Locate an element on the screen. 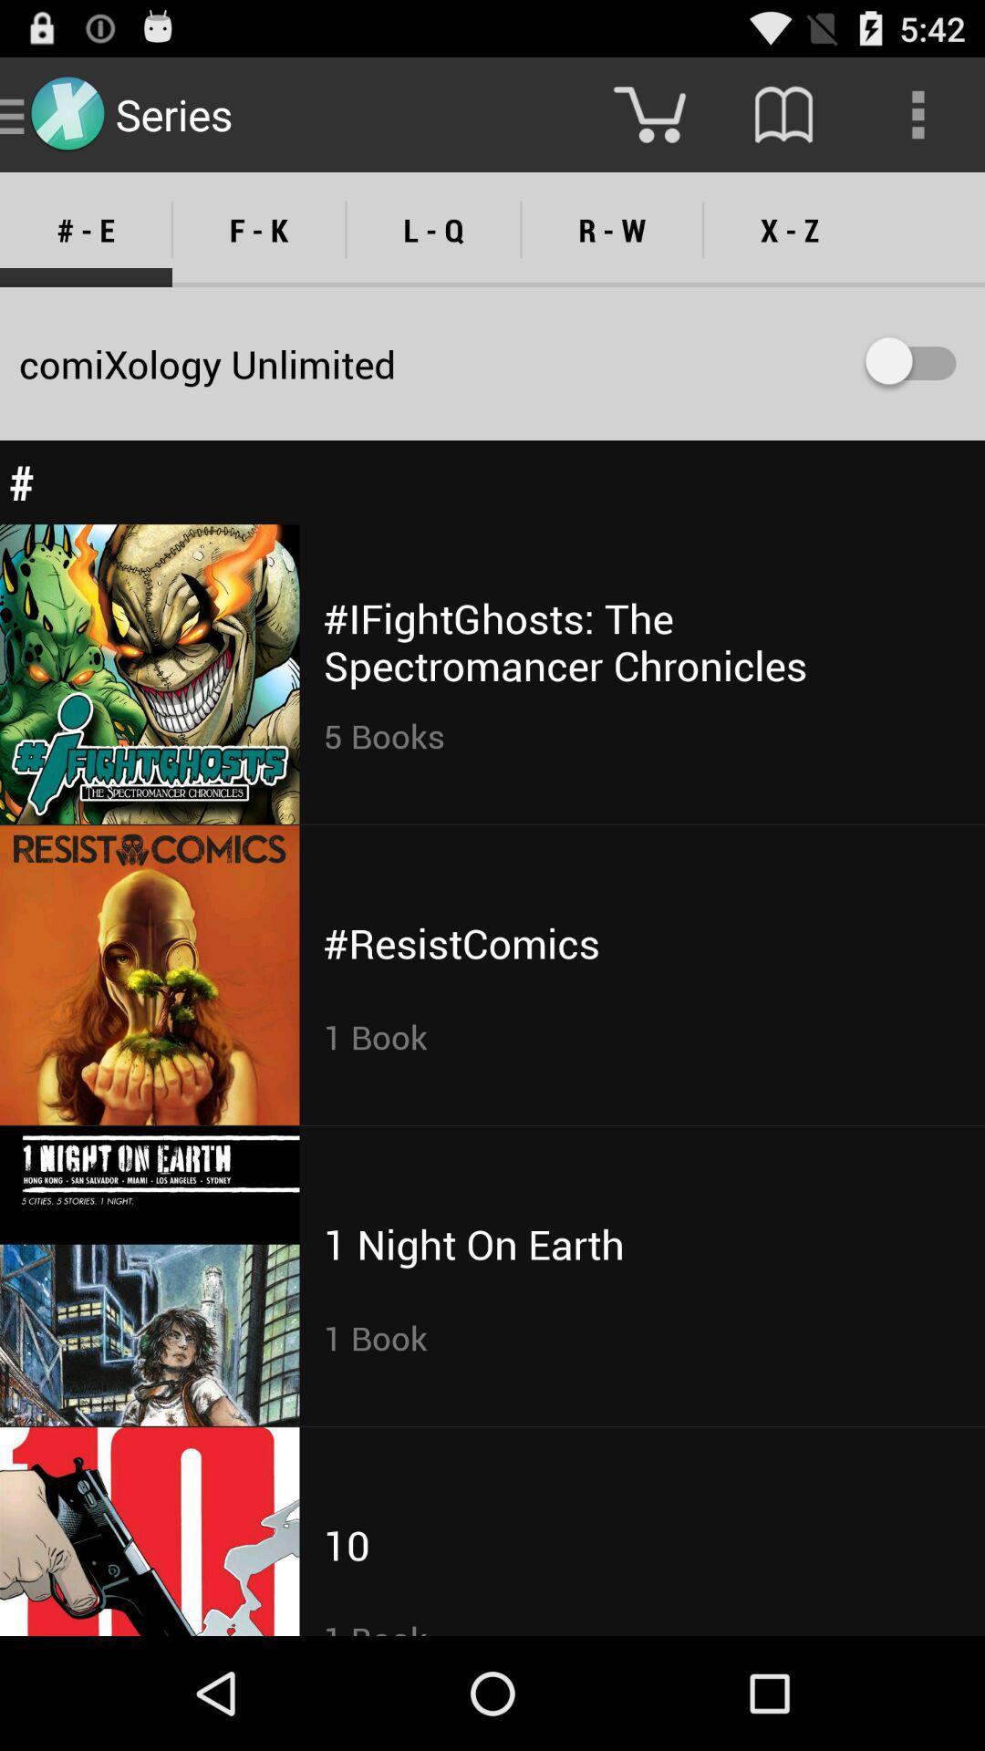 Image resolution: width=985 pixels, height=1751 pixels. the # - e item is located at coordinates (86, 229).